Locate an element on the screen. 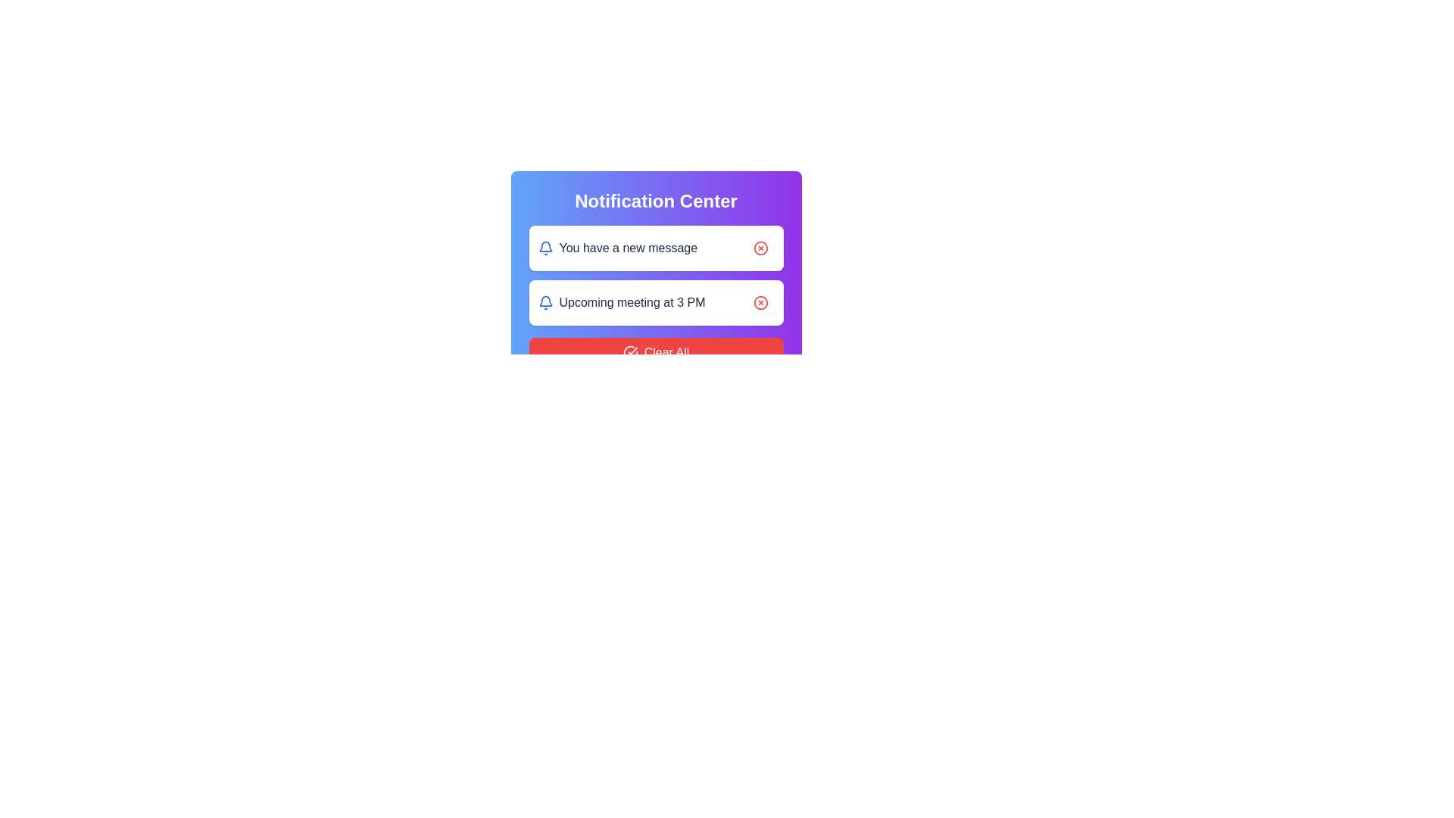 Image resolution: width=1454 pixels, height=818 pixels. the icon representing the graphical feedback associated with the 'Clear All' button, which is located at the bottom-center of the button is located at coordinates (630, 353).